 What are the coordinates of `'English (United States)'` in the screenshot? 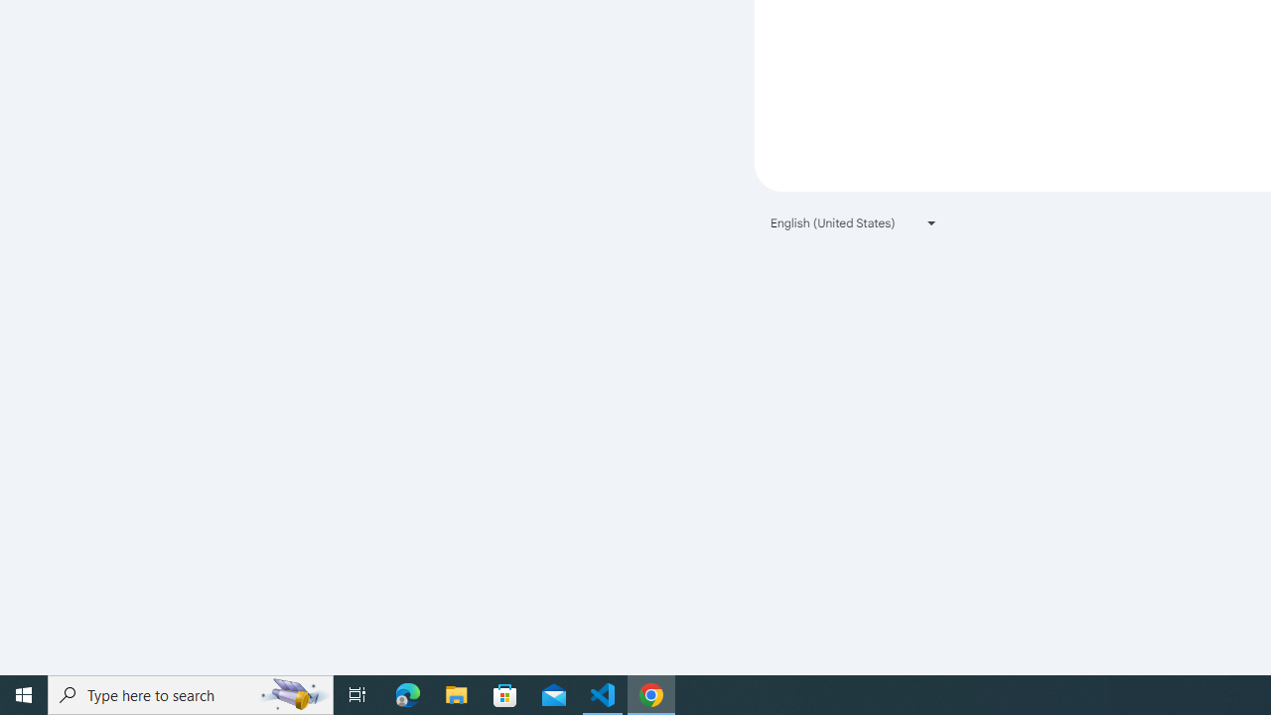 It's located at (854, 222).